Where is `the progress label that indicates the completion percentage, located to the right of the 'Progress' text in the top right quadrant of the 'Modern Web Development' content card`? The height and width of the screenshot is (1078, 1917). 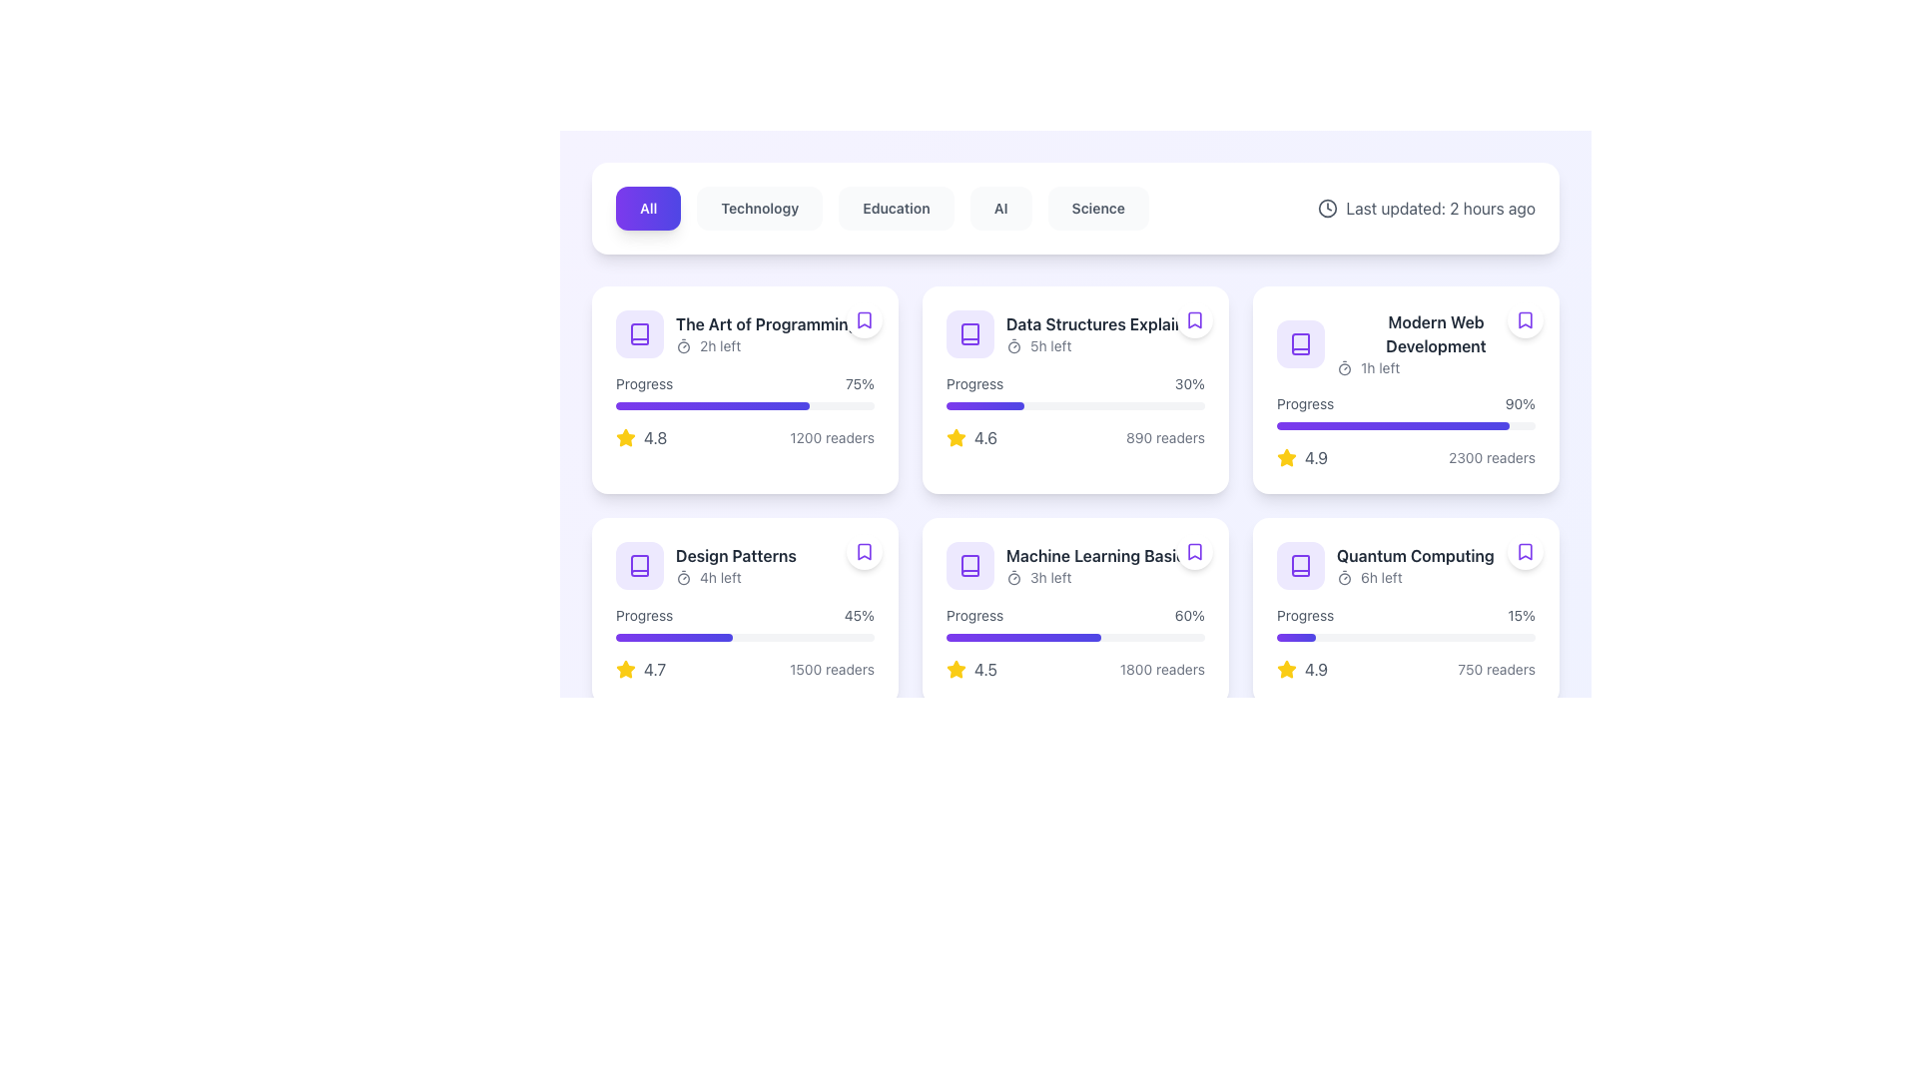
the progress label that indicates the completion percentage, located to the right of the 'Progress' text in the top right quadrant of the 'Modern Web Development' content card is located at coordinates (1519, 404).